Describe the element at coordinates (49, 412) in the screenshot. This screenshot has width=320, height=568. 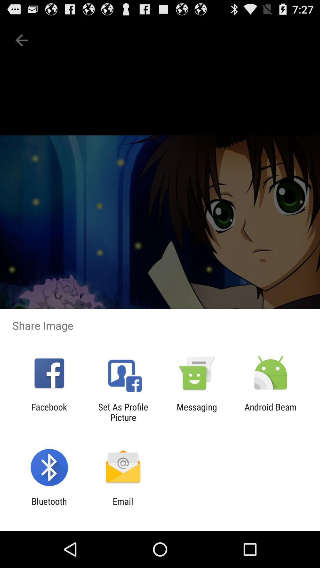
I see `app to the left of set as profile item` at that location.